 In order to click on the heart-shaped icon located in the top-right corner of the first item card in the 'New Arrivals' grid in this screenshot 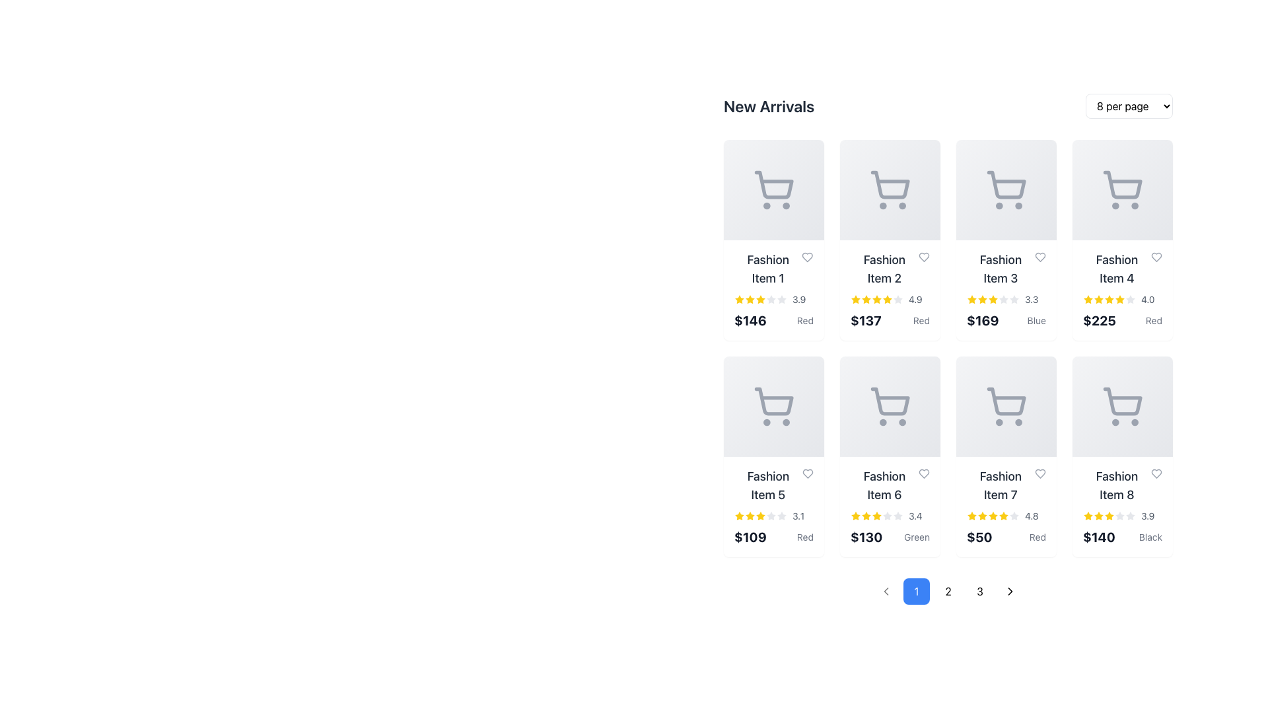, I will do `click(807, 257)`.